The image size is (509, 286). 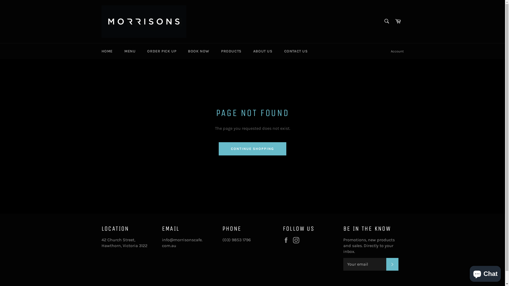 What do you see at coordinates (392, 21) in the screenshot?
I see `'Cart'` at bounding box center [392, 21].